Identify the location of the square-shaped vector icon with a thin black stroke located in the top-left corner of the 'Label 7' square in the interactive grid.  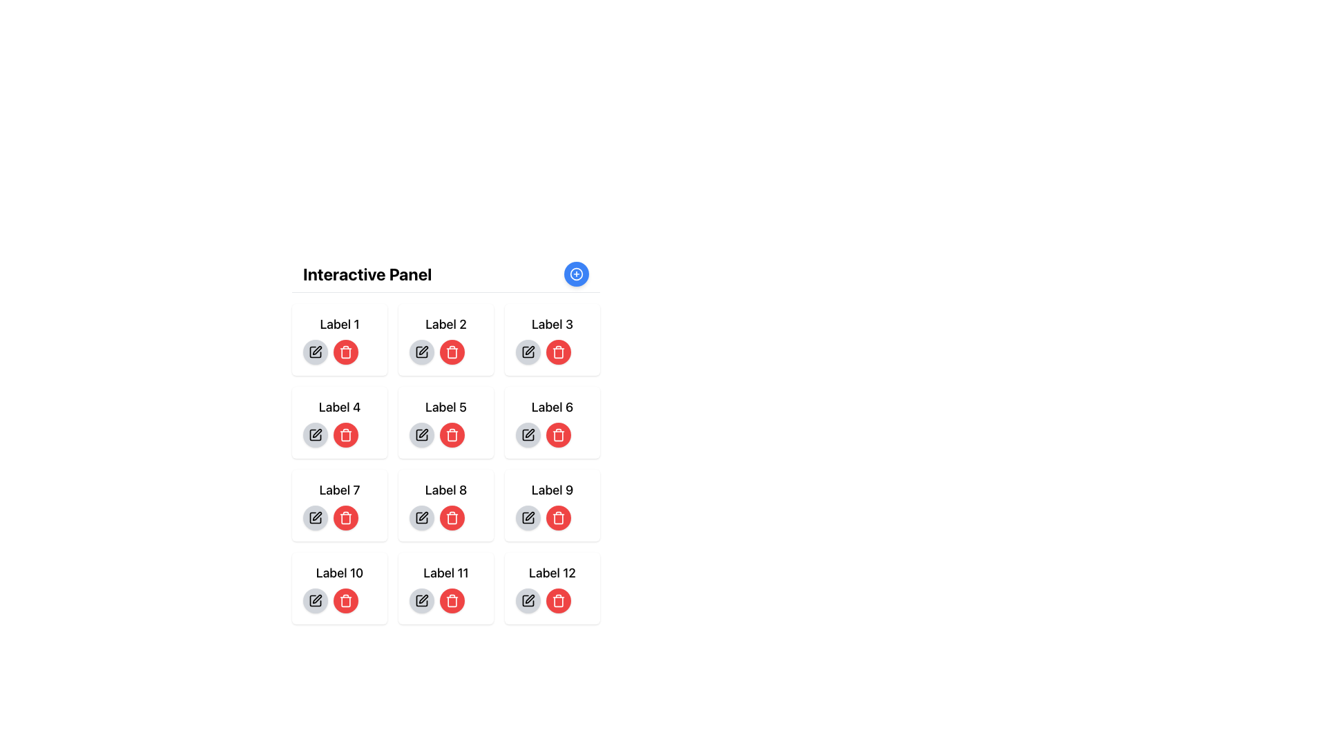
(314, 517).